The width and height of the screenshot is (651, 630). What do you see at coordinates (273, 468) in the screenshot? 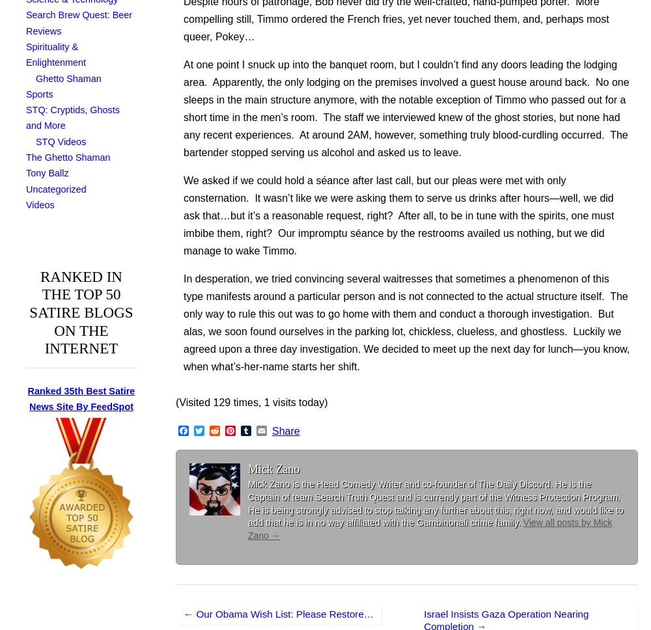
I see `'Mick Zano'` at bounding box center [273, 468].